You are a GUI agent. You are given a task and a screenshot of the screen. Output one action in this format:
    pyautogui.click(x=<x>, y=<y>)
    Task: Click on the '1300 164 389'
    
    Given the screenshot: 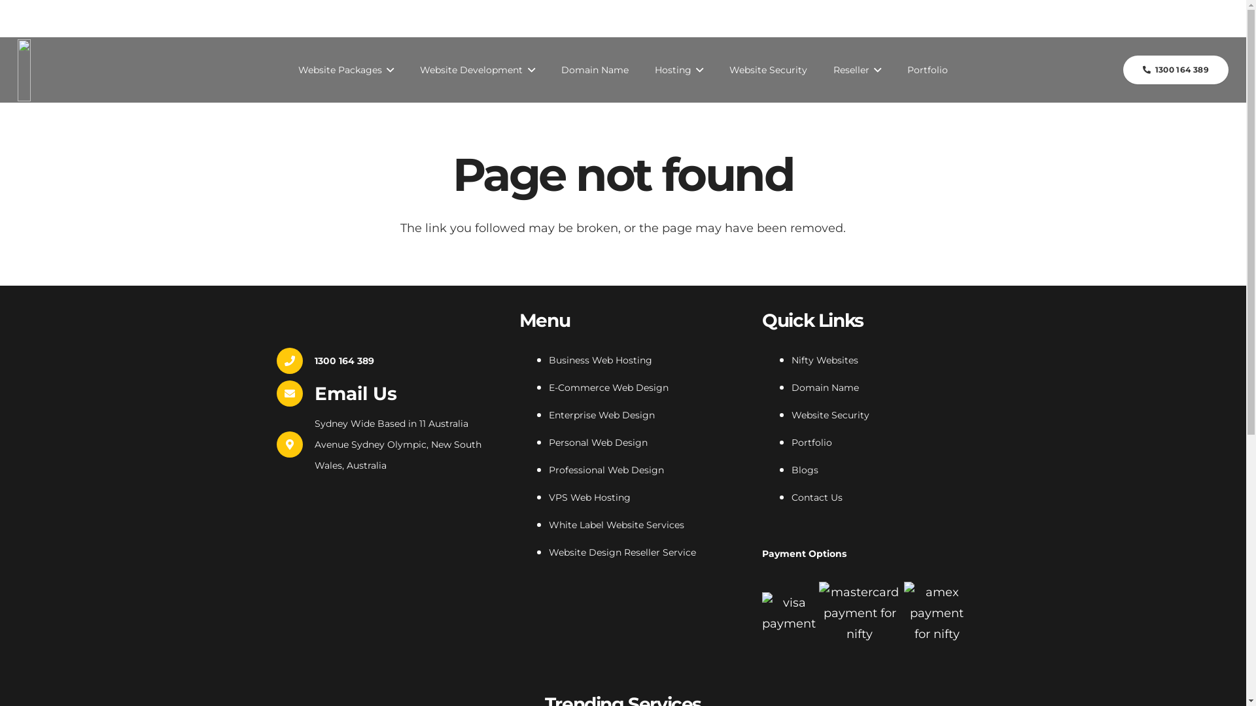 What is the action you would take?
    pyautogui.click(x=344, y=360)
    